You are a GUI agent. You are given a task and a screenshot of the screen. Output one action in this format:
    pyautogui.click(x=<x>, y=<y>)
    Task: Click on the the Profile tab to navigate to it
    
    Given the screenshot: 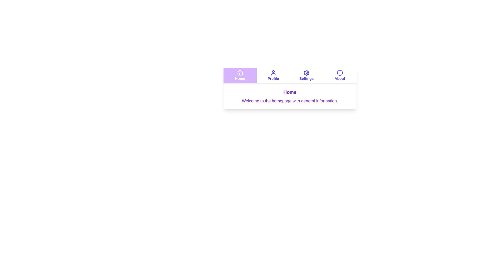 What is the action you would take?
    pyautogui.click(x=273, y=75)
    